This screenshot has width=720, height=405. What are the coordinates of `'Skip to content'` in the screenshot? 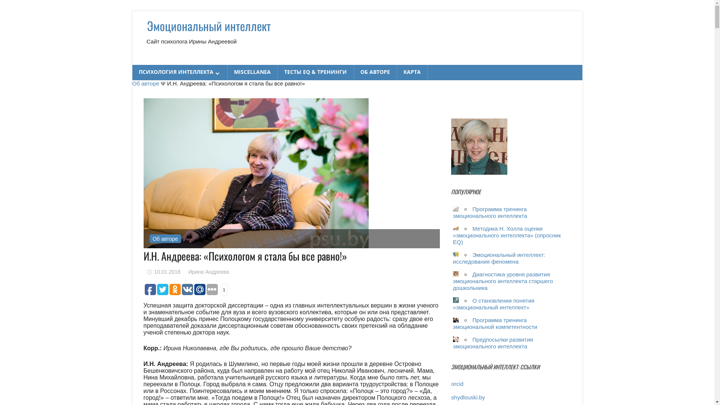 It's located at (132, 11).